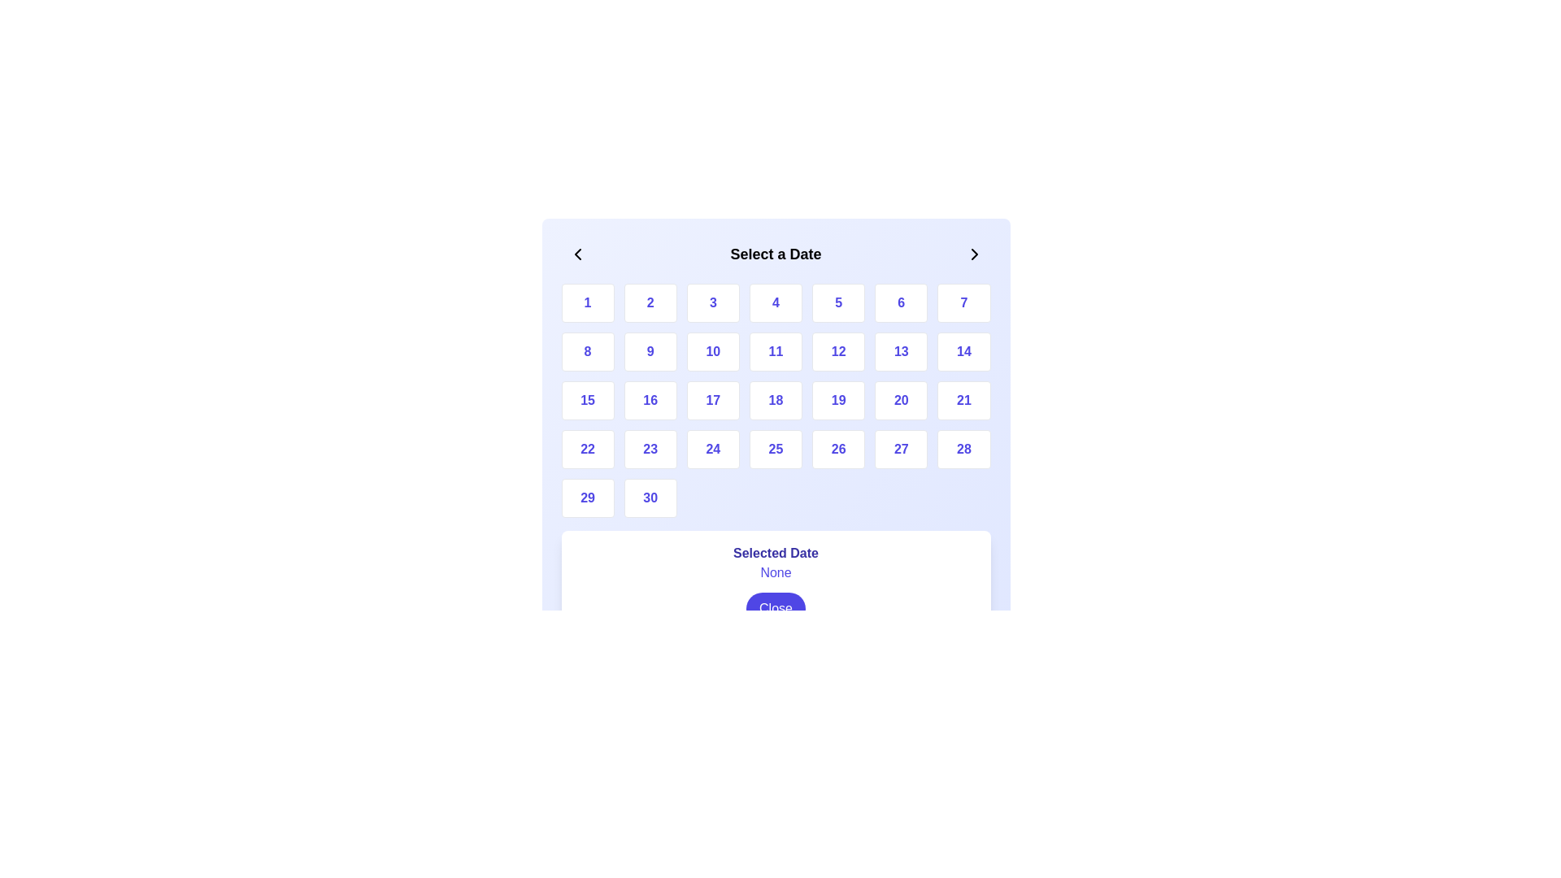  What do you see at coordinates (963, 401) in the screenshot?
I see `the rectangular button labeled '21' with bold indigo text and a white background` at bounding box center [963, 401].